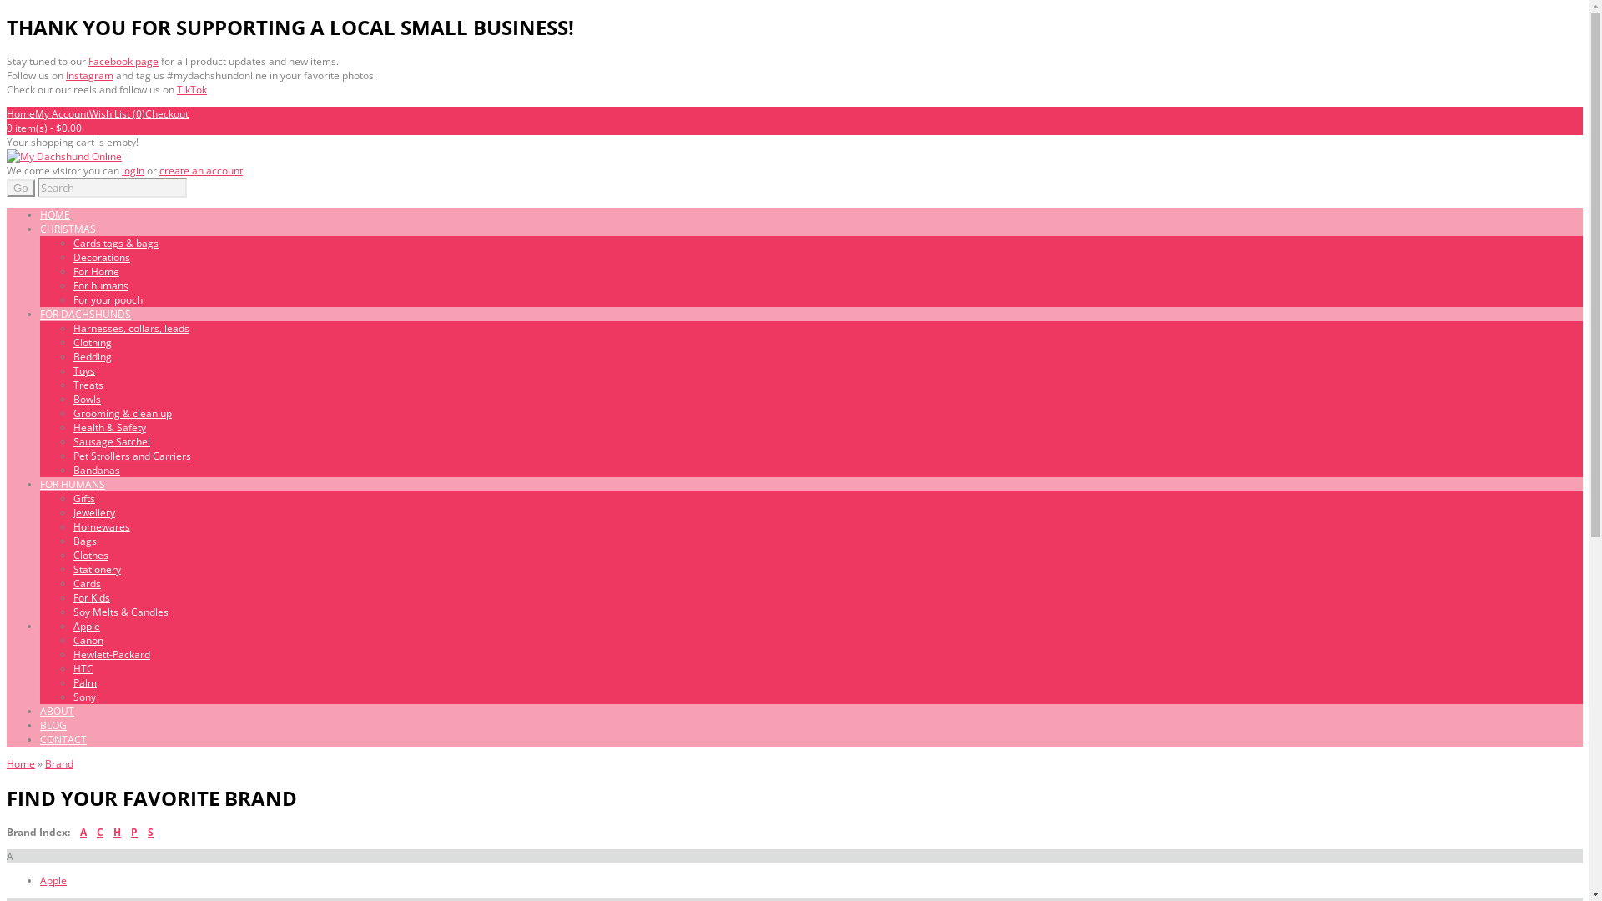 The image size is (1602, 901). Describe the element at coordinates (72, 270) in the screenshot. I see `'For Home'` at that location.